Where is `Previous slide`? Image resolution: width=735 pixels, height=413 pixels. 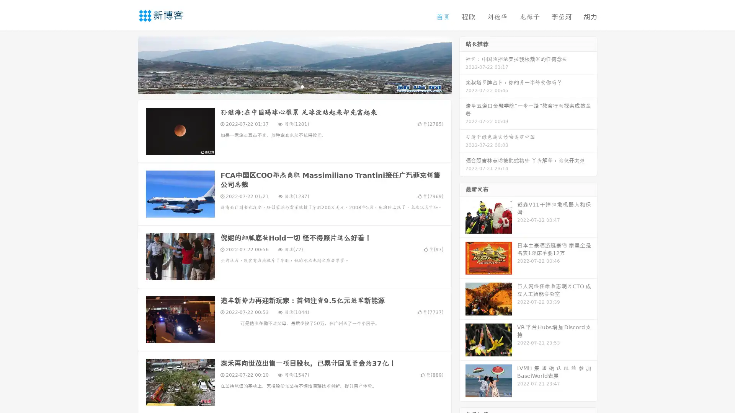
Previous slide is located at coordinates (126, 64).